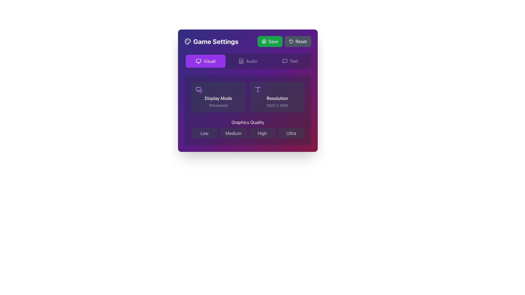  What do you see at coordinates (277, 105) in the screenshot?
I see `the text label displaying '1920 x 1080' located under the 'Resolution' label within the card layout` at bounding box center [277, 105].